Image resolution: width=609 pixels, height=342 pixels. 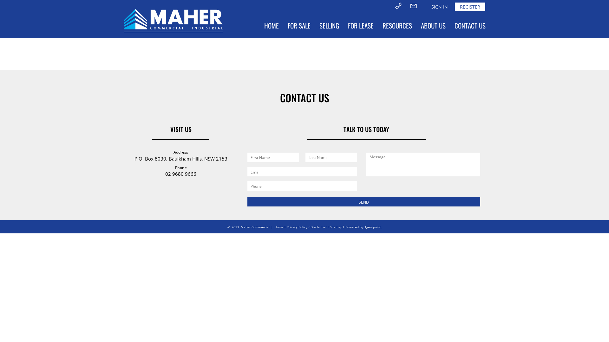 What do you see at coordinates (378, 25) in the screenshot?
I see `'RESOURCES'` at bounding box center [378, 25].